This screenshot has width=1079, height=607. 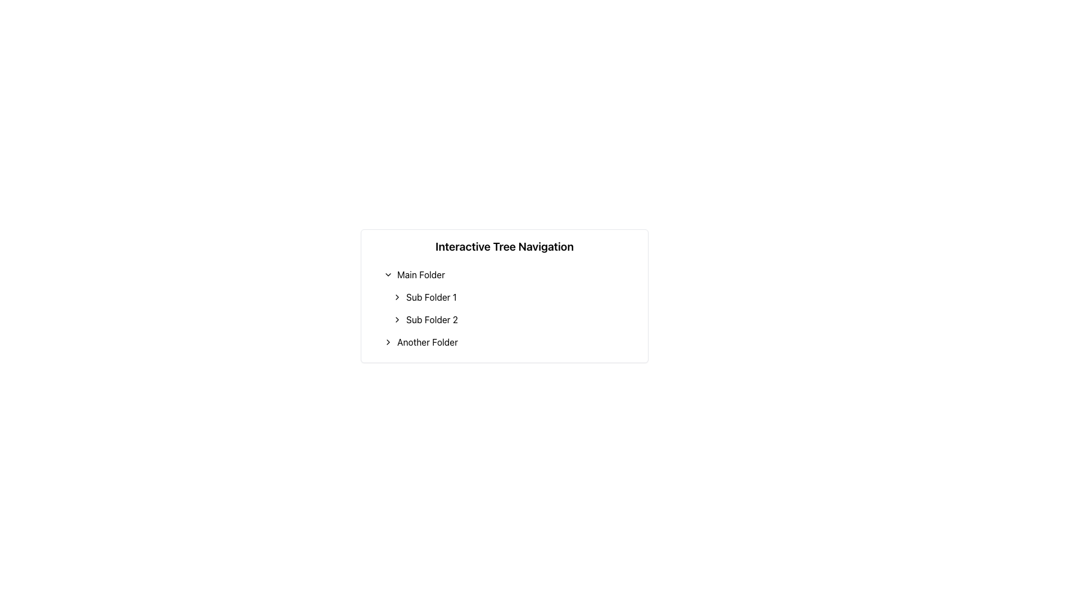 I want to click on the right-facing chevron icon that is located to the left of the text 'Another Folder', so click(x=388, y=342).